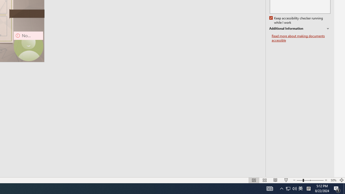 The height and width of the screenshot is (194, 345). What do you see at coordinates (301, 38) in the screenshot?
I see `'Read more about making documents accessible'` at bounding box center [301, 38].